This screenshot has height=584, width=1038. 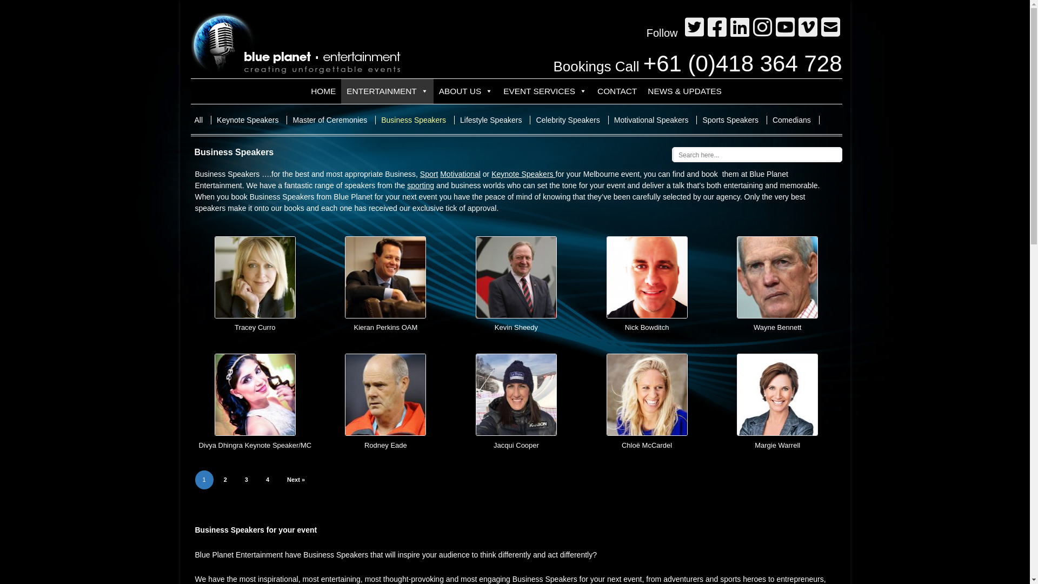 What do you see at coordinates (387, 91) in the screenshot?
I see `'ENTERTAINMENT'` at bounding box center [387, 91].